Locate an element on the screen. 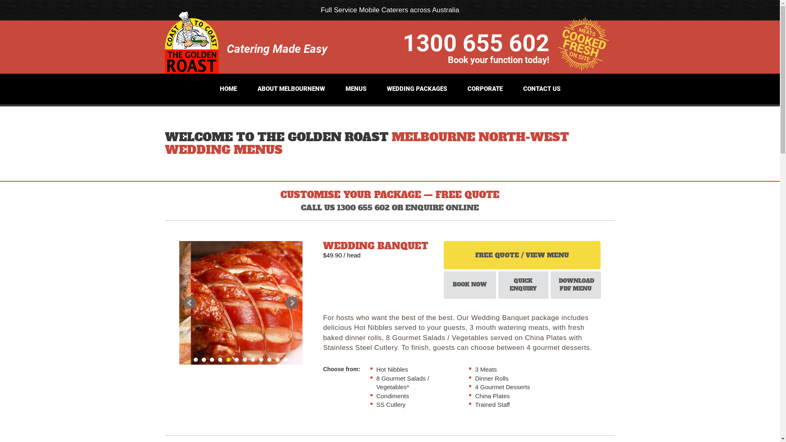 Image resolution: width=786 pixels, height=442 pixels. 'Prev' is located at coordinates (183, 303).